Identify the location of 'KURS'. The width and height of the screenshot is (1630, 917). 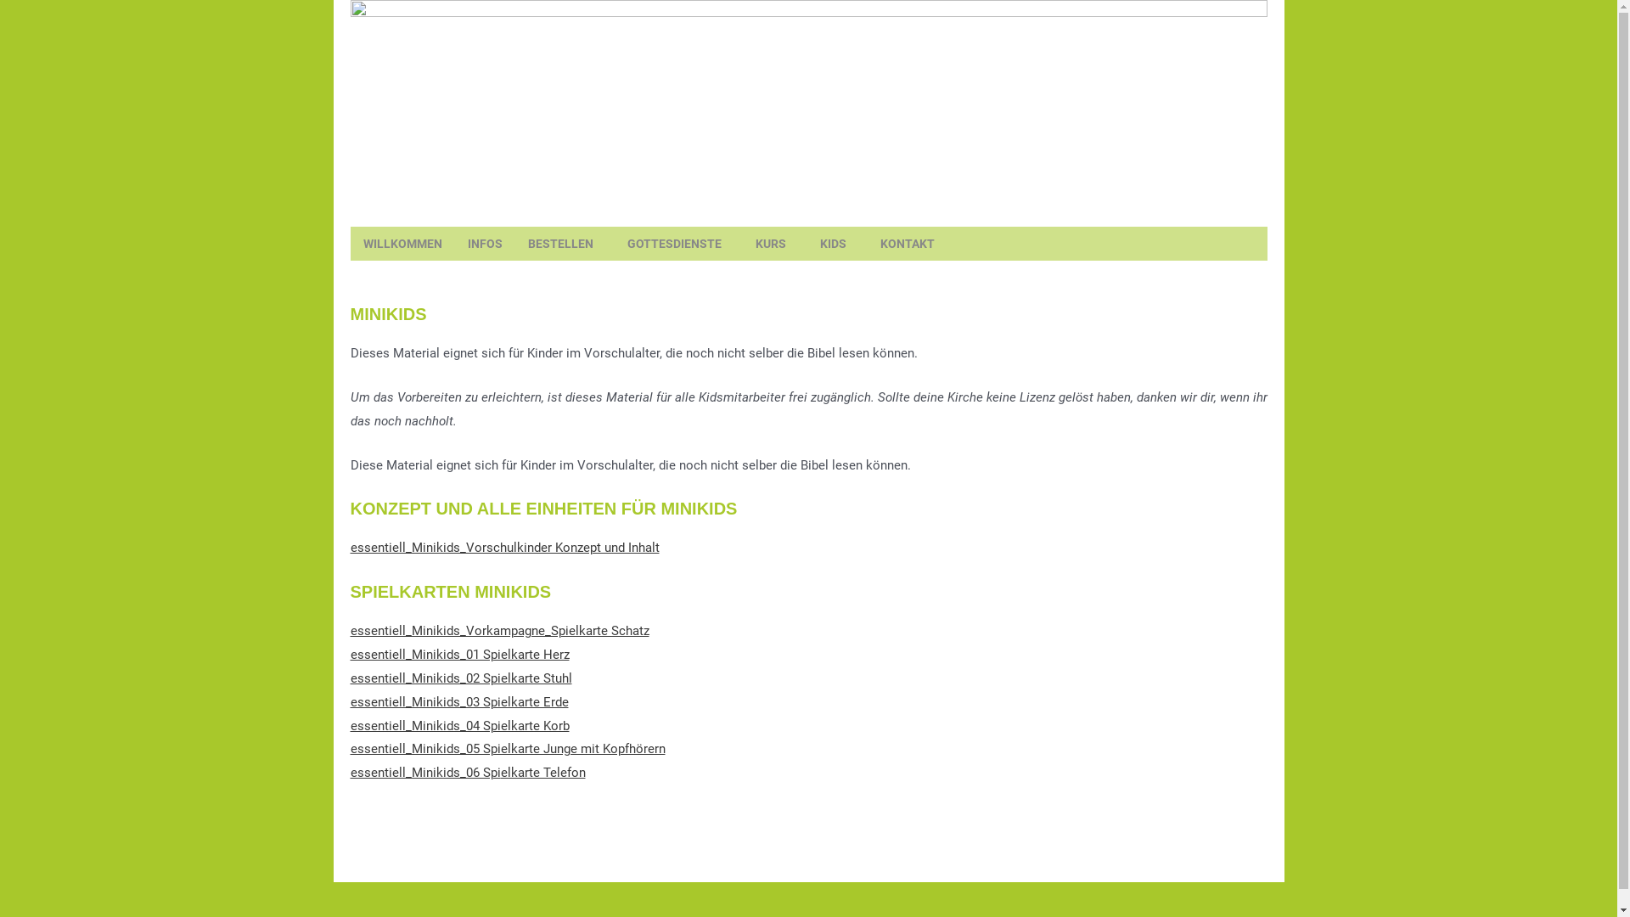
(773, 243).